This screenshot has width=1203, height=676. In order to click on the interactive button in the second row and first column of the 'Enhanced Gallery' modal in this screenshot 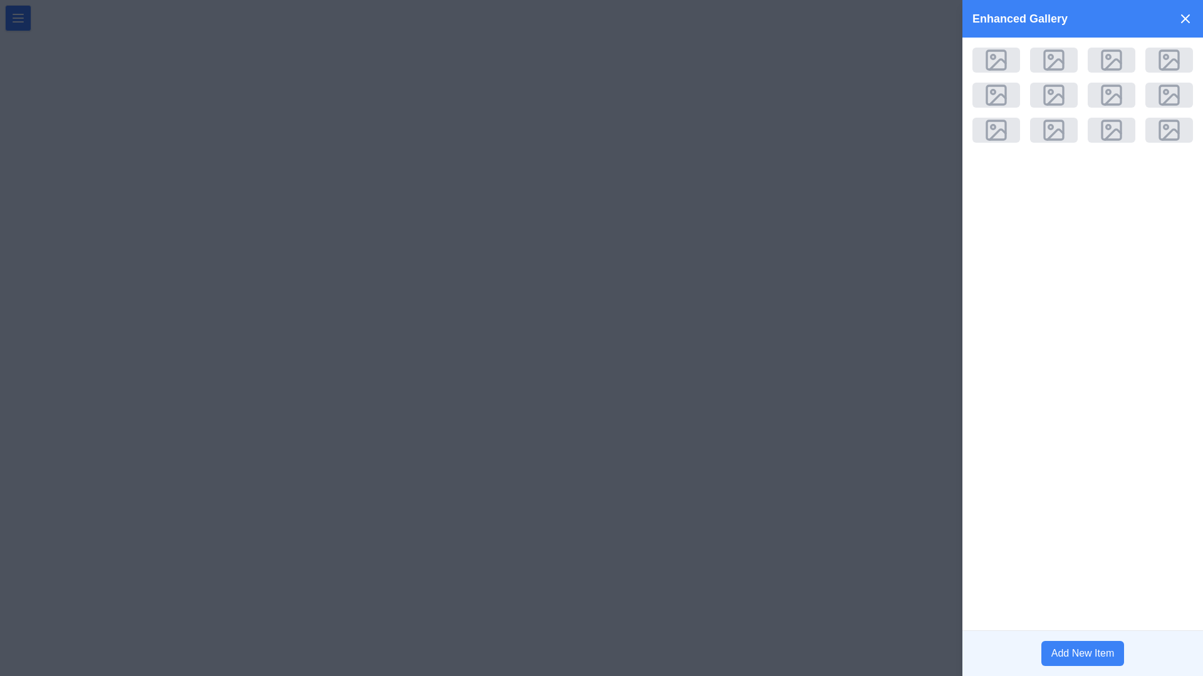, I will do `click(995, 94)`.